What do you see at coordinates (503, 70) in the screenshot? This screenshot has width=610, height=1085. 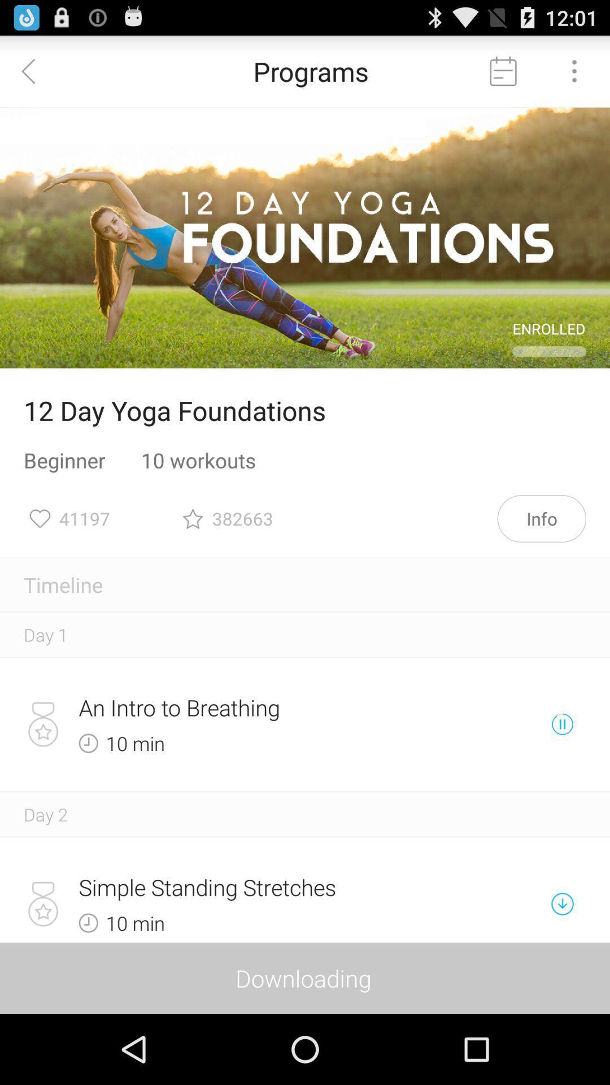 I see `calendar` at bounding box center [503, 70].